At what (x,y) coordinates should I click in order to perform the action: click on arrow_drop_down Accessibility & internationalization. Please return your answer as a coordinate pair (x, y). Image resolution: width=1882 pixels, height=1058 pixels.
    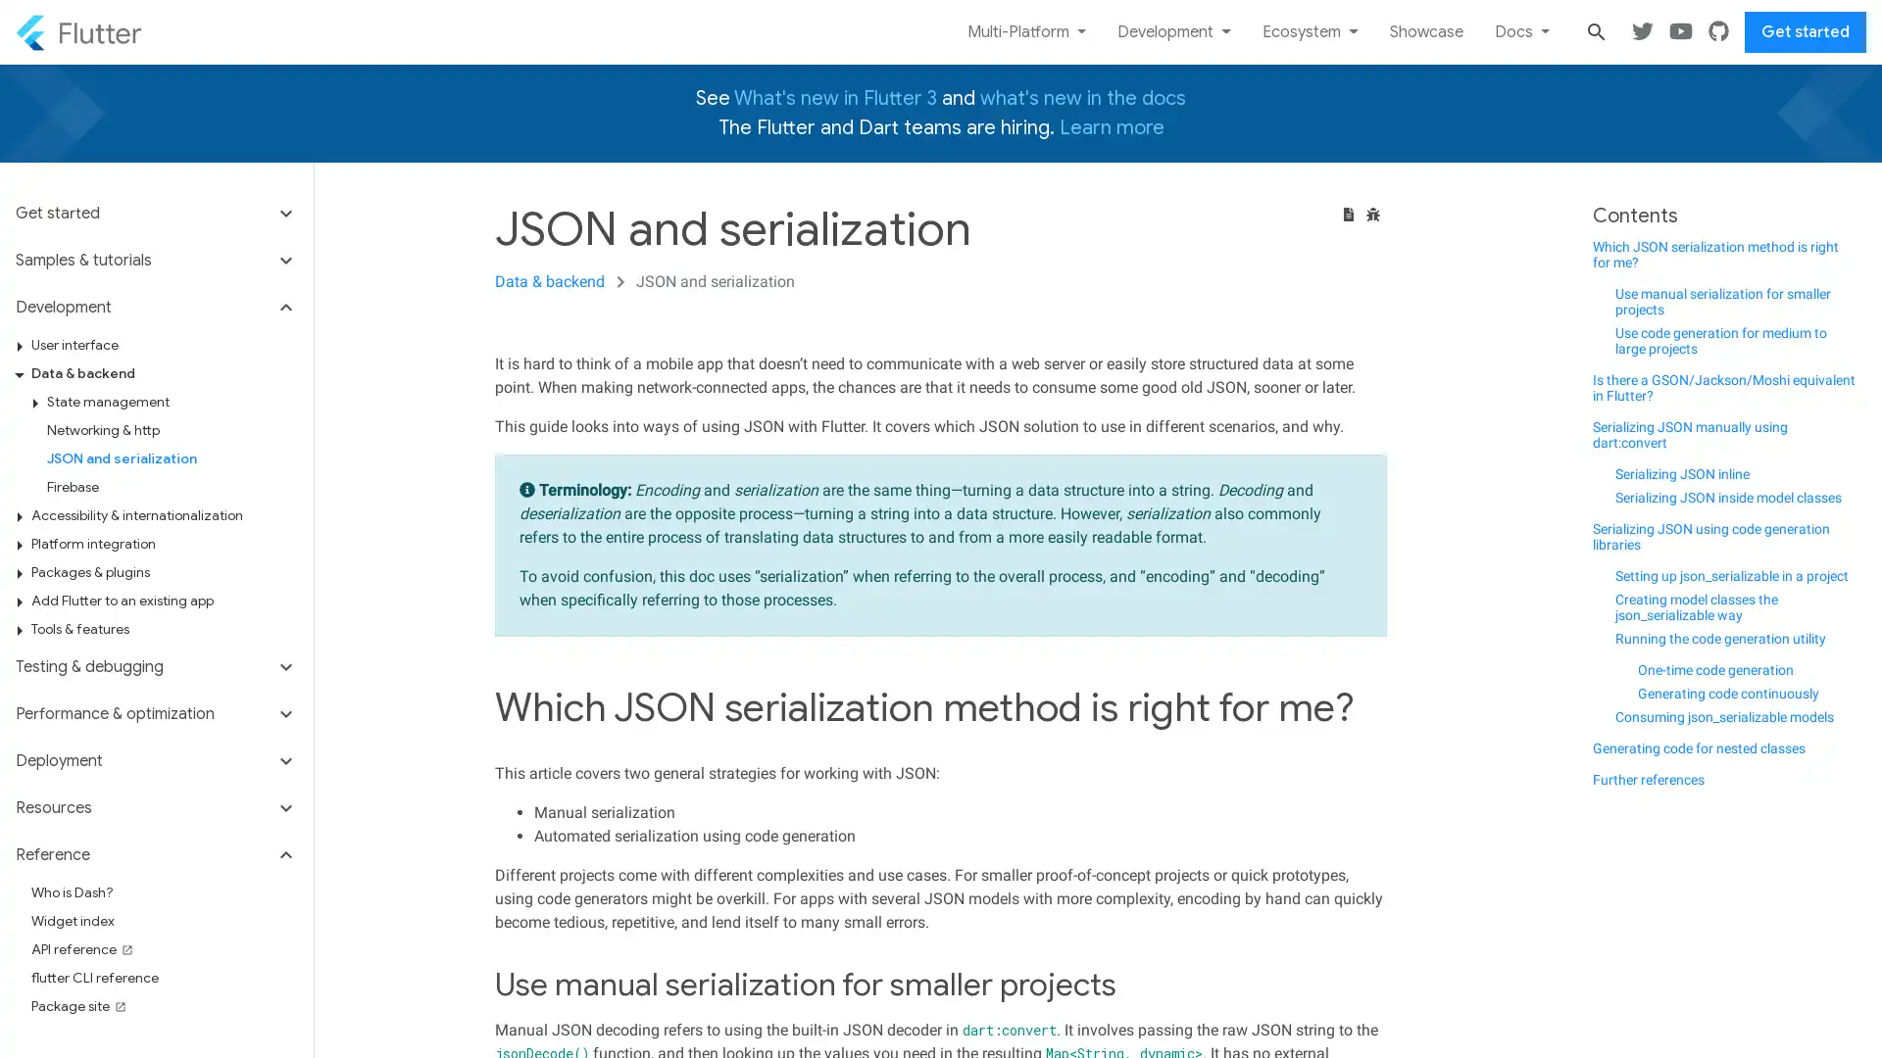
    Looking at the image, I should click on (164, 514).